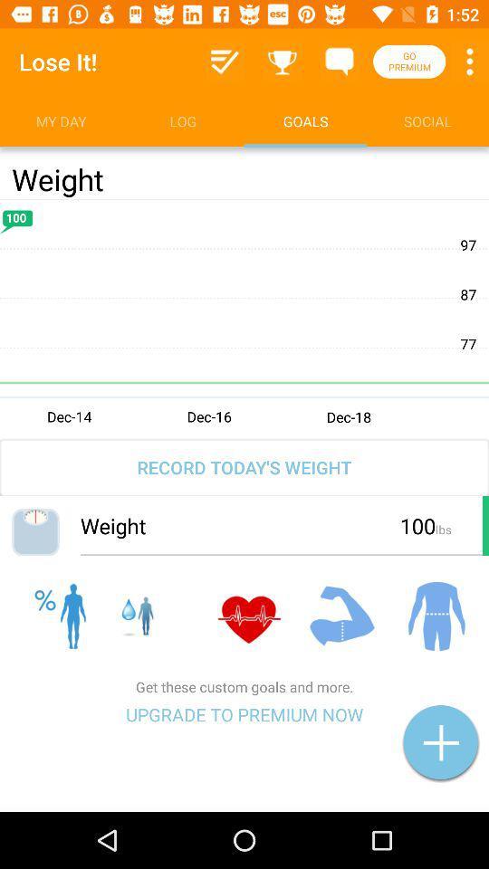  Describe the element at coordinates (244, 466) in the screenshot. I see `the record today s item` at that location.